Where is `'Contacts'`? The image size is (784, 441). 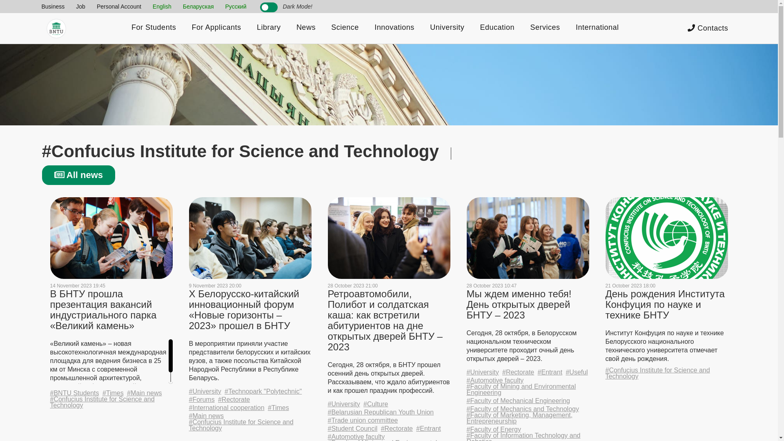
'Contacts' is located at coordinates (707, 28).